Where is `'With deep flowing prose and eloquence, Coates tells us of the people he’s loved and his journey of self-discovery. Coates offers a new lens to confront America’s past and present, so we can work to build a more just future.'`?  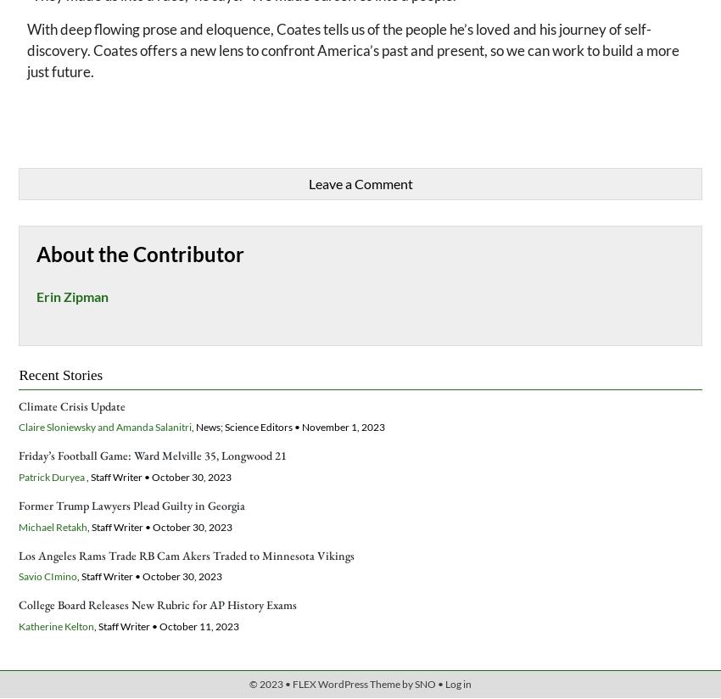
'With deep flowing prose and eloquence, Coates tells us of the people he’s loved and his journey of self-discovery. Coates offers a new lens to confront America’s past and present, so we can work to build a more just future.' is located at coordinates (353, 49).